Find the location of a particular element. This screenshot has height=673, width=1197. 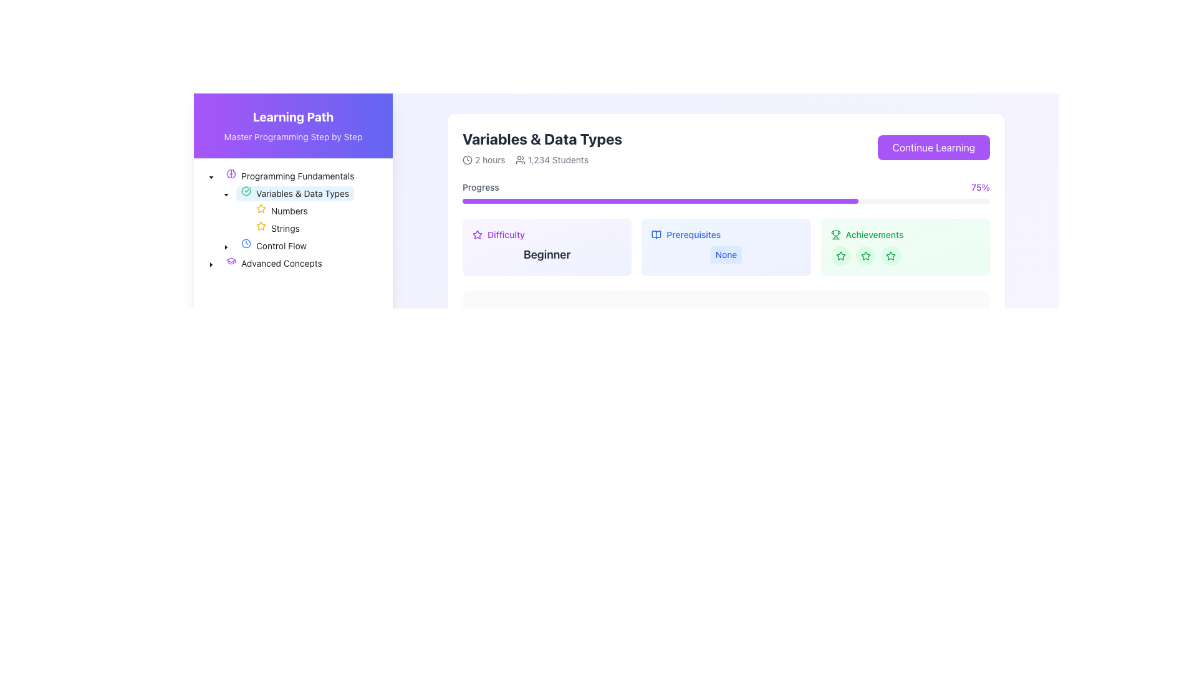

the second star-shaped icon located in the 'Achievements' section is located at coordinates (840, 255).